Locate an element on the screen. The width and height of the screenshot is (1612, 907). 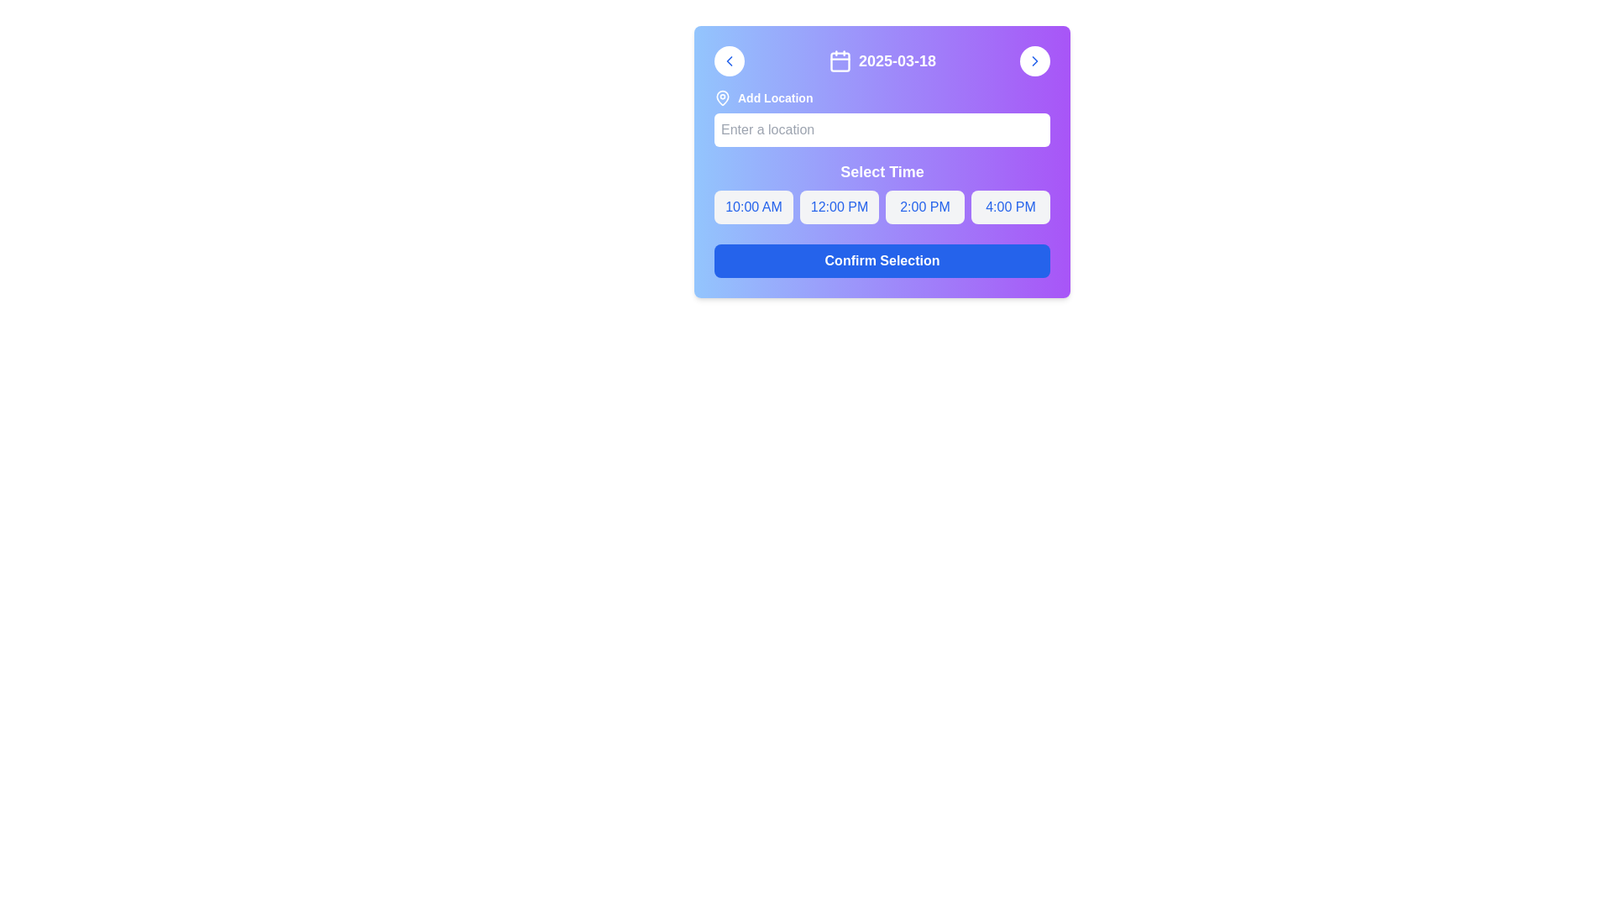
the rectangular button displaying '10:00 AM' in blue is located at coordinates (752, 206).